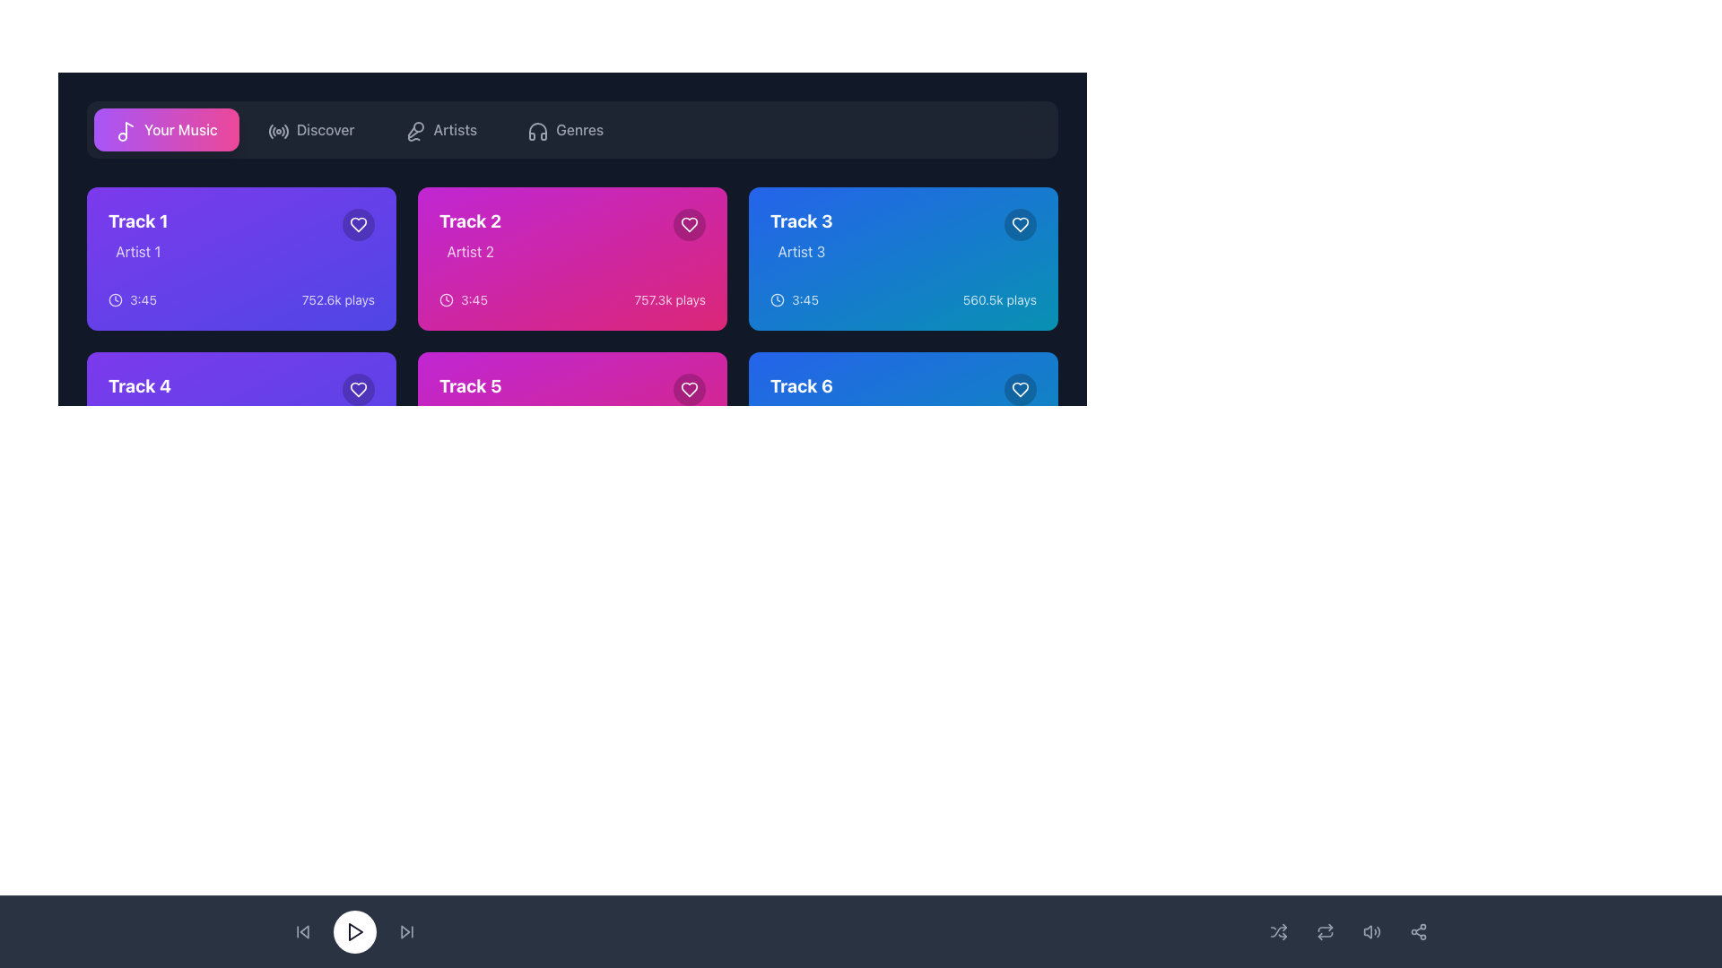 The width and height of the screenshot is (1722, 968). I want to click on text content of the Text label displaying '3:45' in bold white font, located within the pink card labeled 'Track 2', so click(474, 299).